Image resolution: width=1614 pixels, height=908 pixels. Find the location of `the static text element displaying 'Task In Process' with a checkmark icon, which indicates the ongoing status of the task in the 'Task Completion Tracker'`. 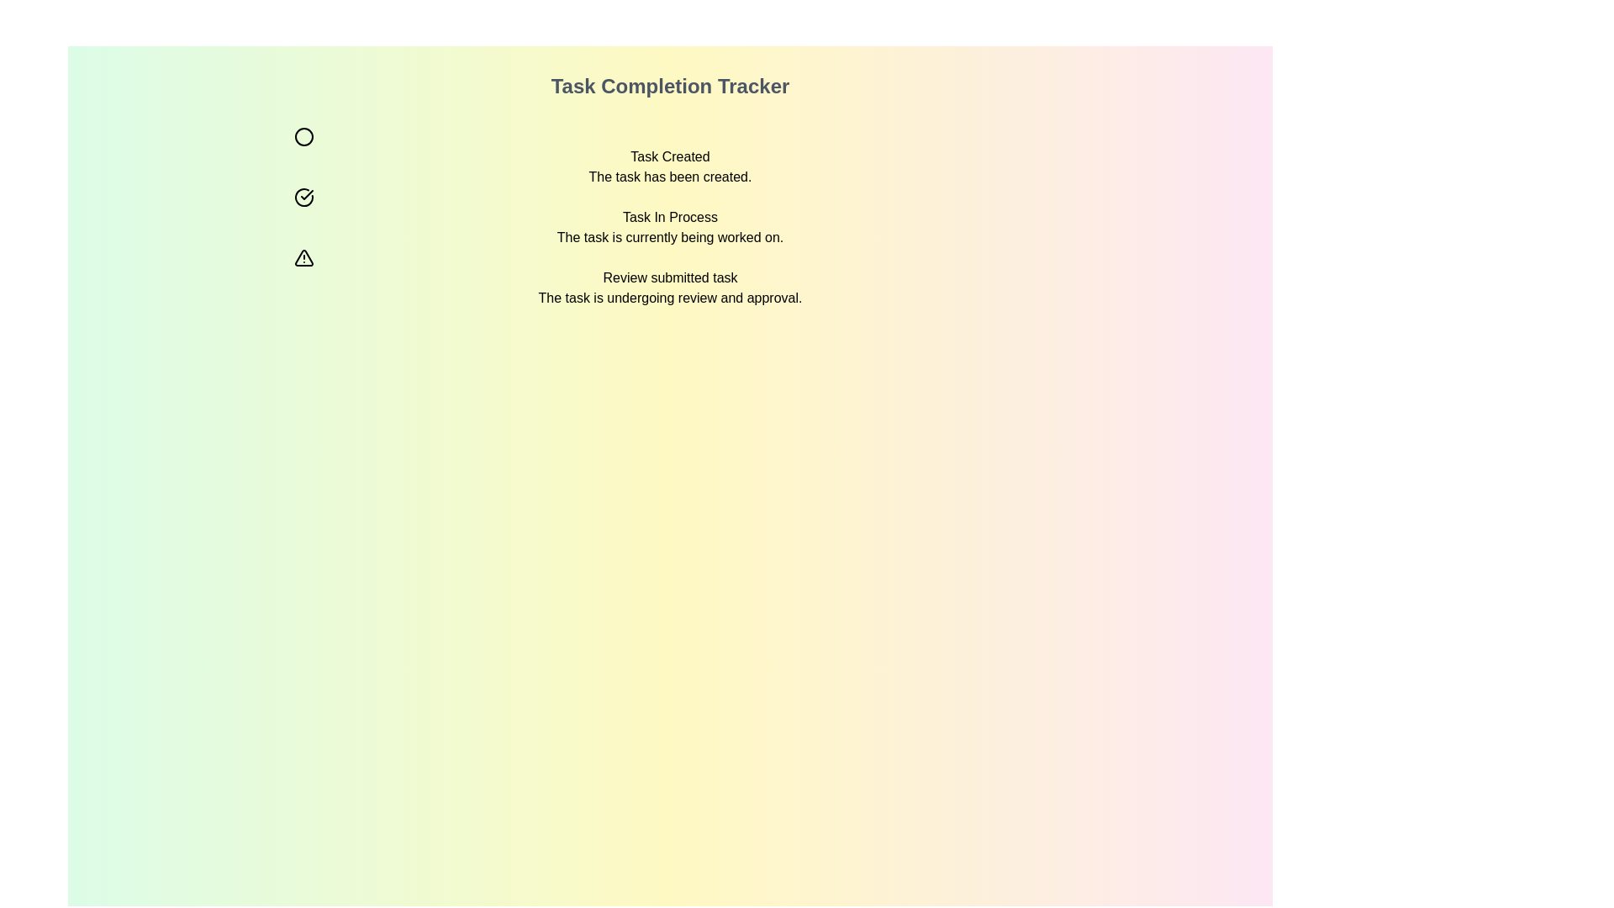

the static text element displaying 'Task In Process' with a checkmark icon, which indicates the ongoing status of the task in the 'Task Completion Tracker' is located at coordinates (669, 216).